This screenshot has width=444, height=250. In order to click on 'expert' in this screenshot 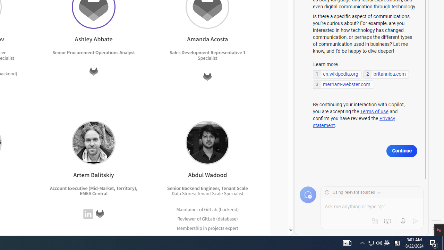, I will do `click(230, 237)`.